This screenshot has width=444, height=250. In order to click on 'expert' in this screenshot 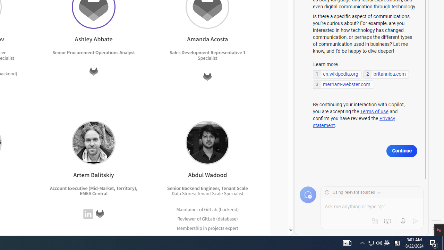, I will do `click(230, 237)`.